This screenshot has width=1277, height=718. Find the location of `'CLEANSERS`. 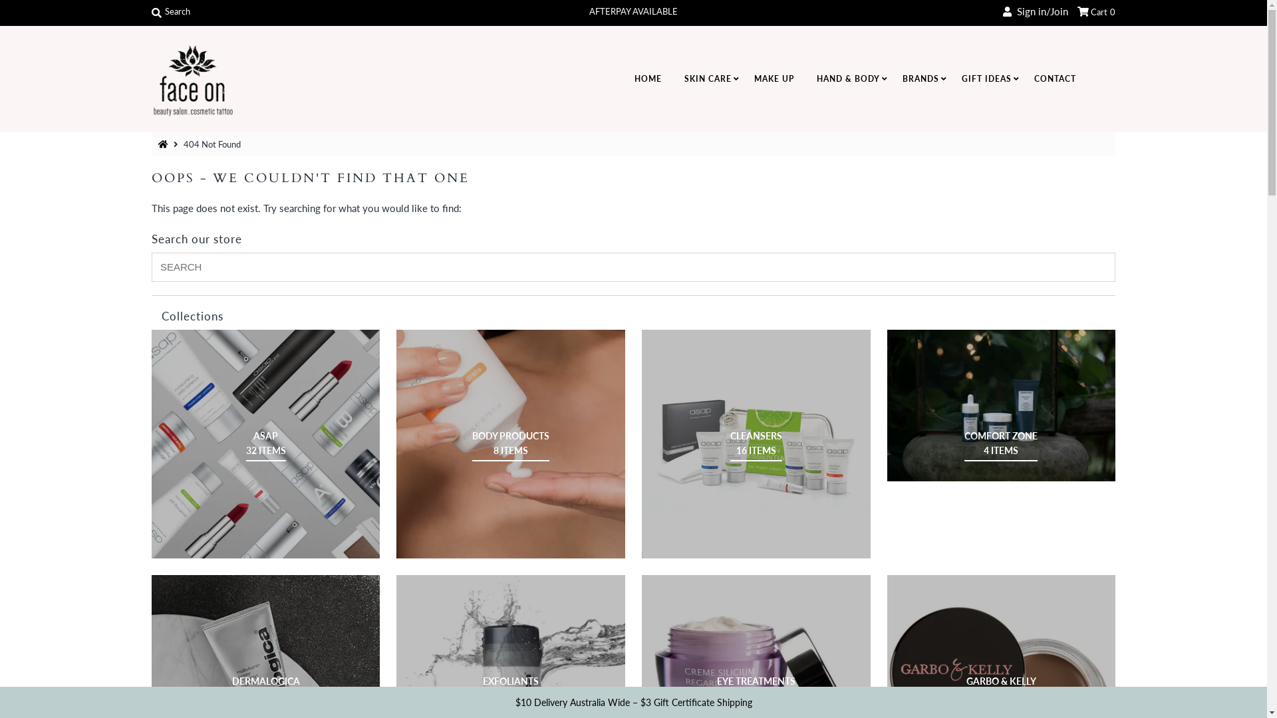

'CLEANSERS is located at coordinates (756, 443).